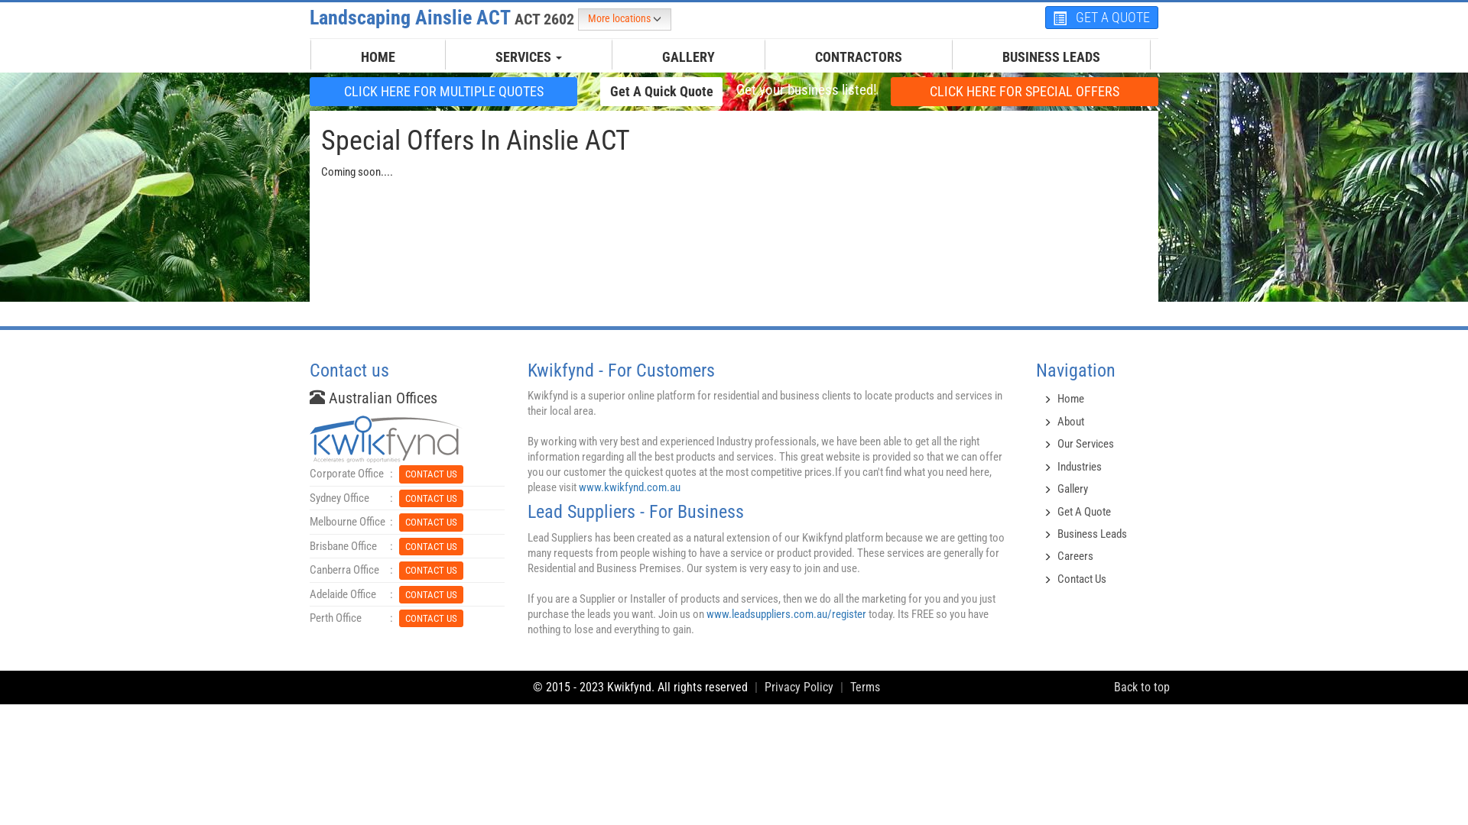 The image size is (1468, 825). What do you see at coordinates (1101, 18) in the screenshot?
I see `'GET A QUOTE'` at bounding box center [1101, 18].